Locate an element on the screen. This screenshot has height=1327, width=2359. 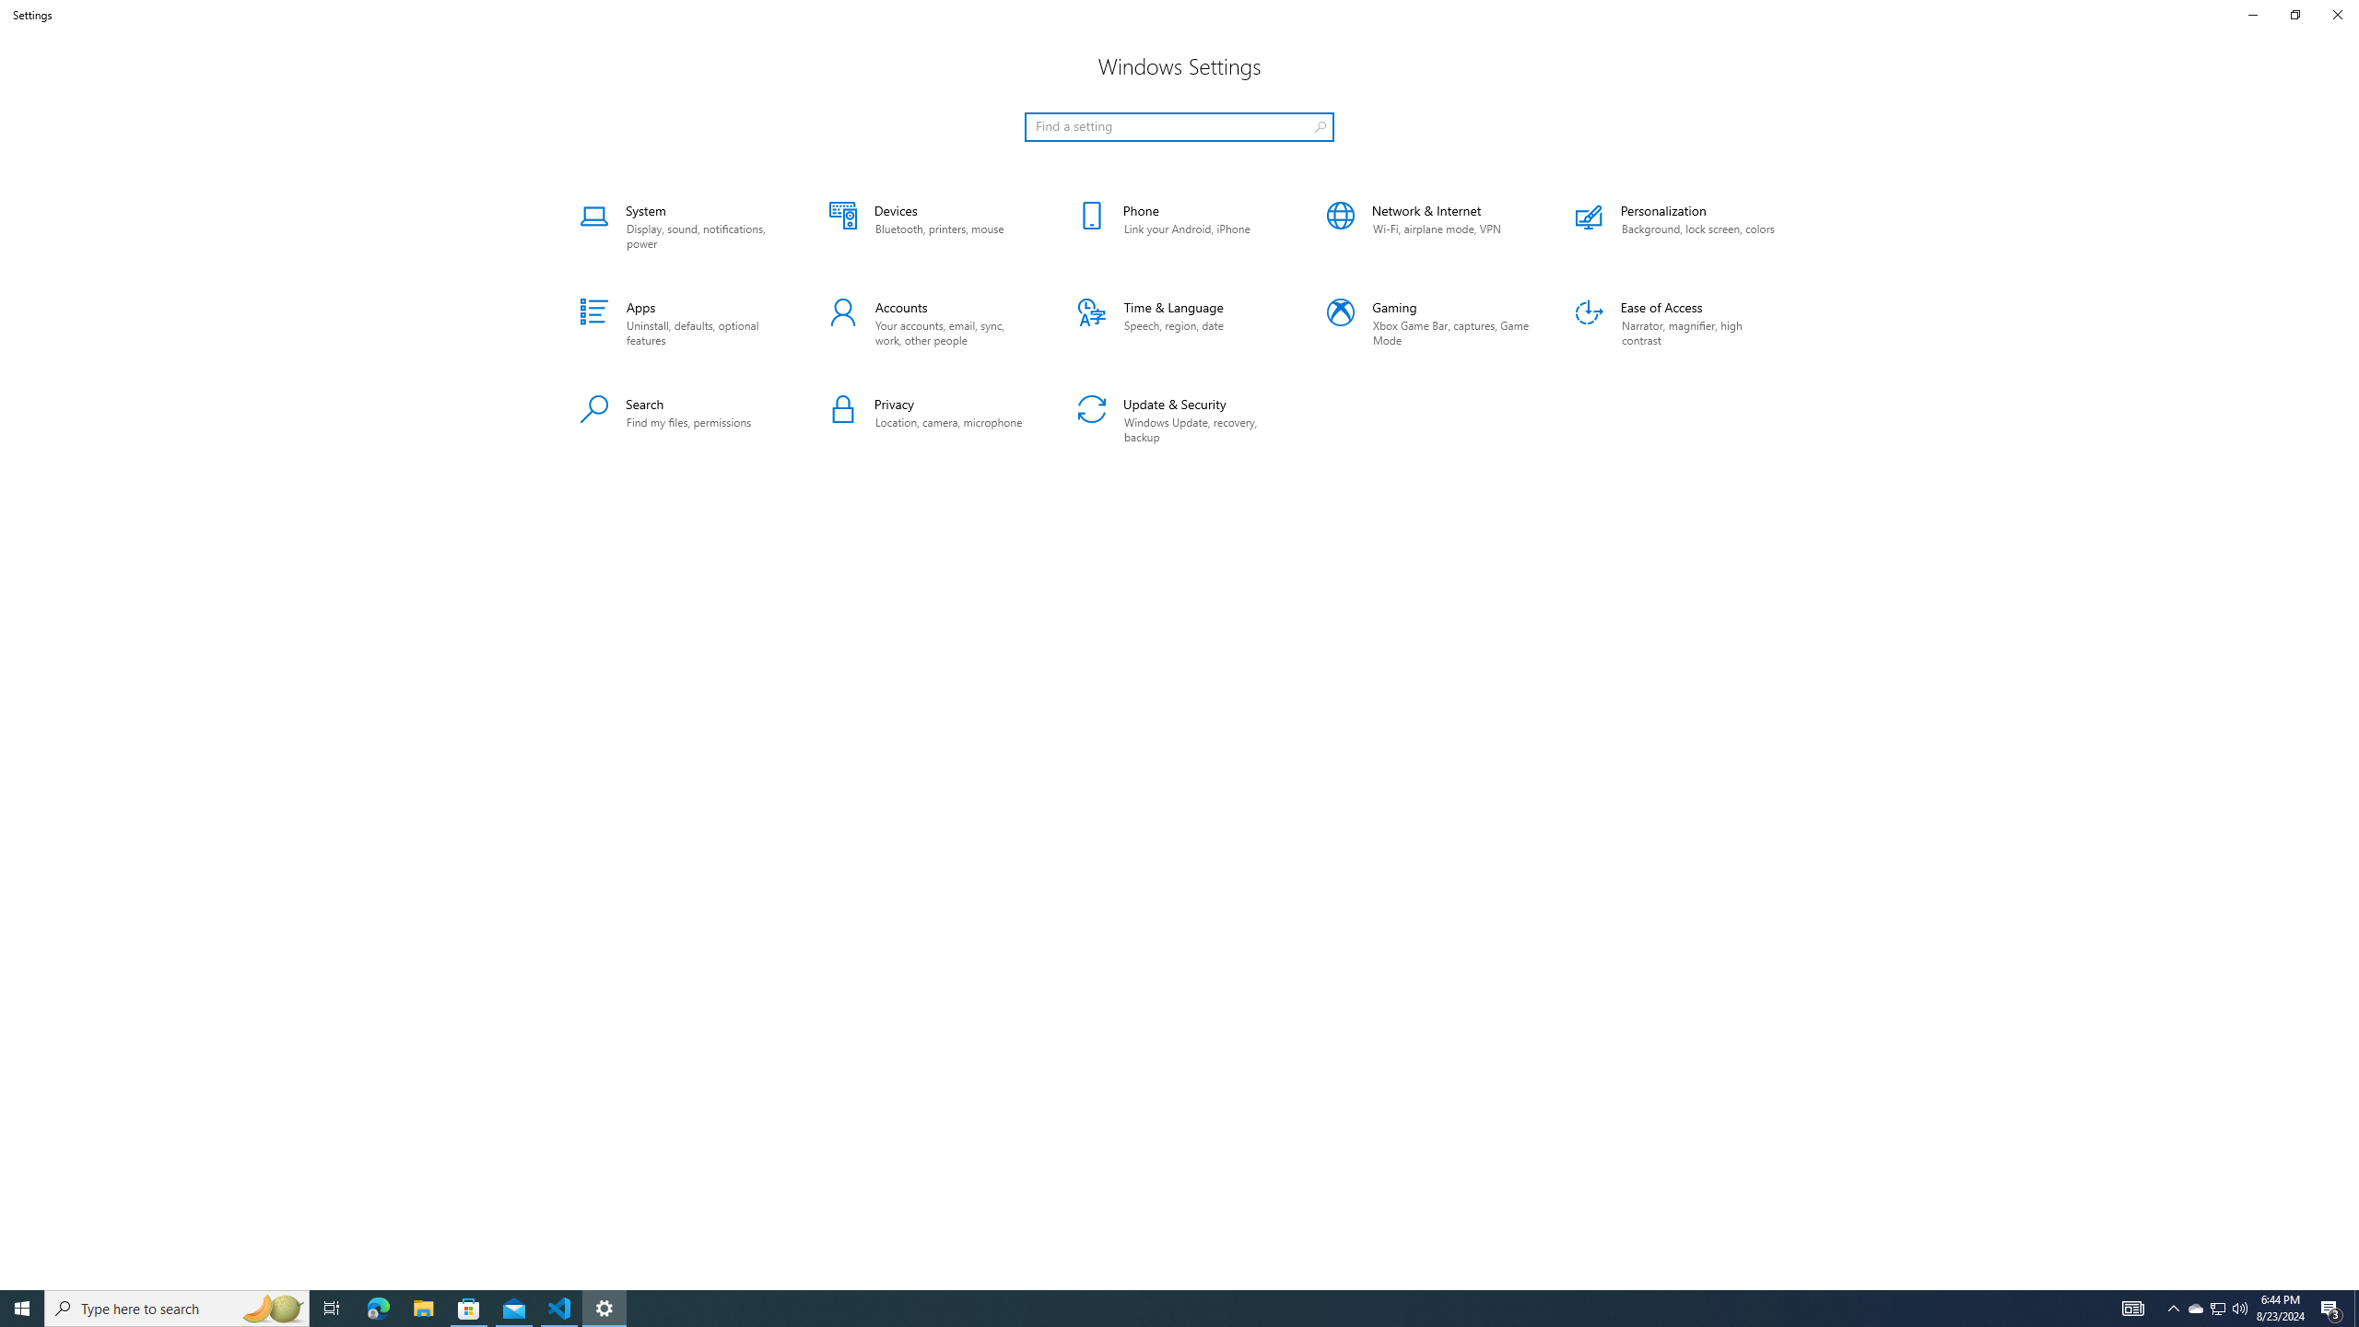
'Search' is located at coordinates (680, 420).